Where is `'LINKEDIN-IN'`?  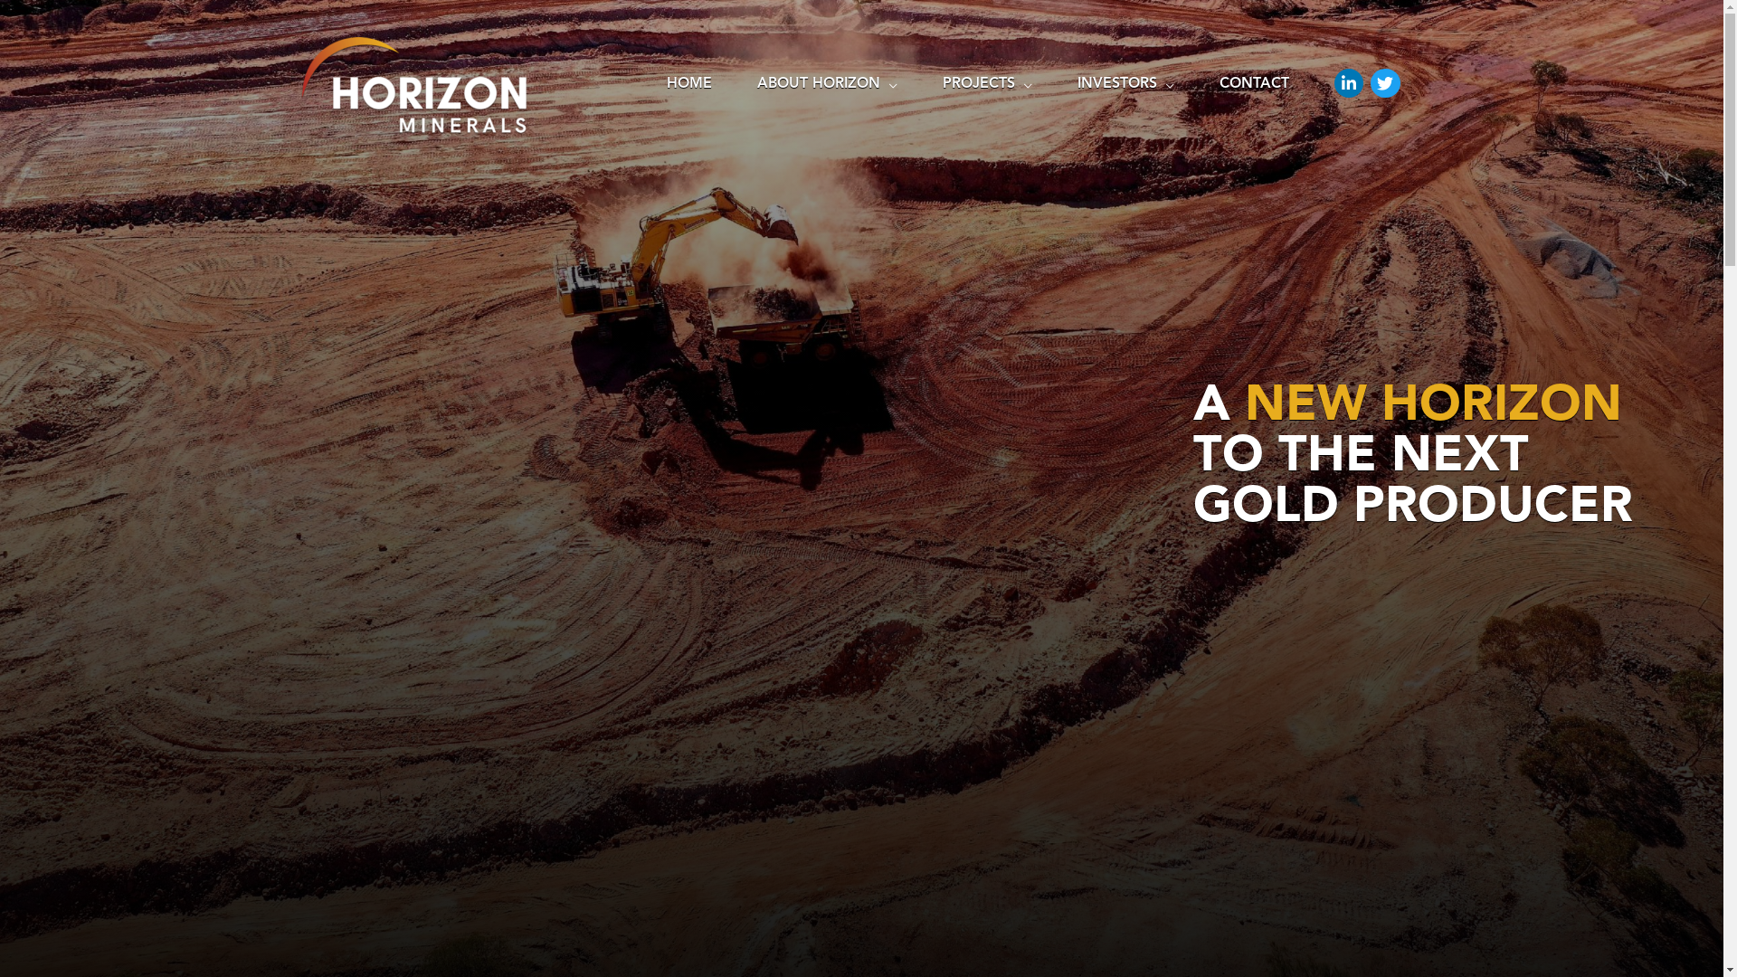 'LINKEDIN-IN' is located at coordinates (1349, 83).